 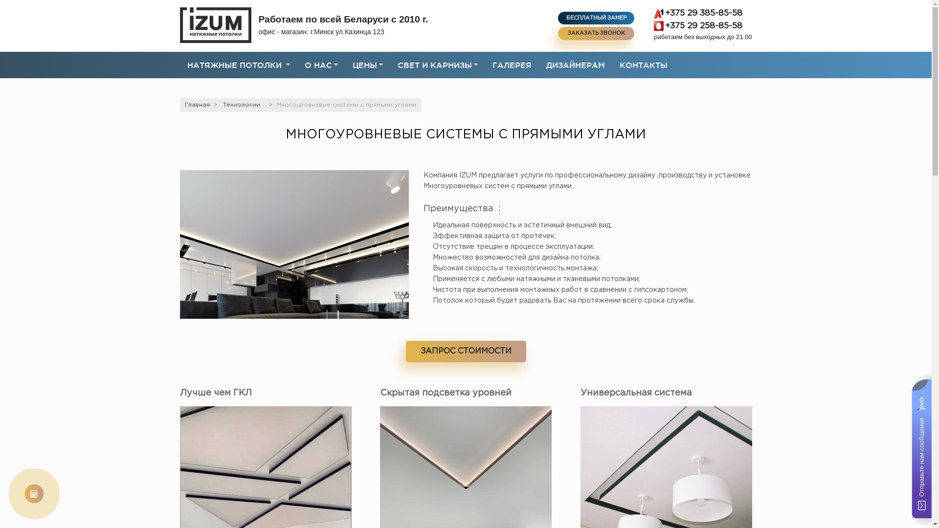 I want to click on '+375 29 258-85-58', so click(x=702, y=25).